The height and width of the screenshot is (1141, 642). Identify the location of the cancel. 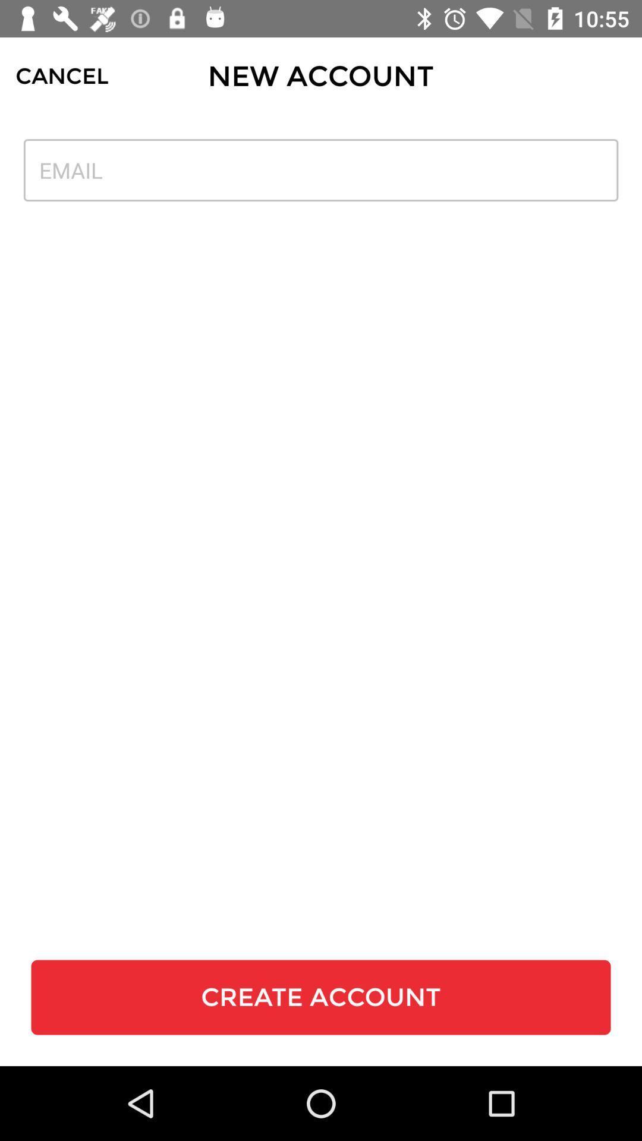
(62, 75).